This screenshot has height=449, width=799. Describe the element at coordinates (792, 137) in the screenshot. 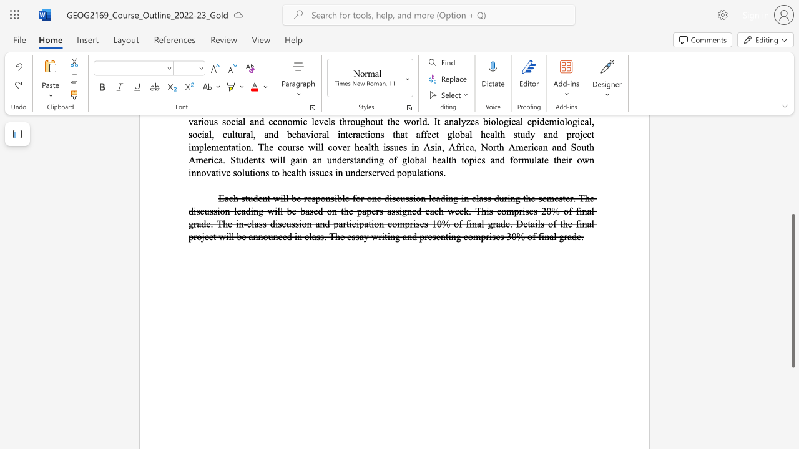

I see `the scrollbar on the right side to scroll the page up` at that location.